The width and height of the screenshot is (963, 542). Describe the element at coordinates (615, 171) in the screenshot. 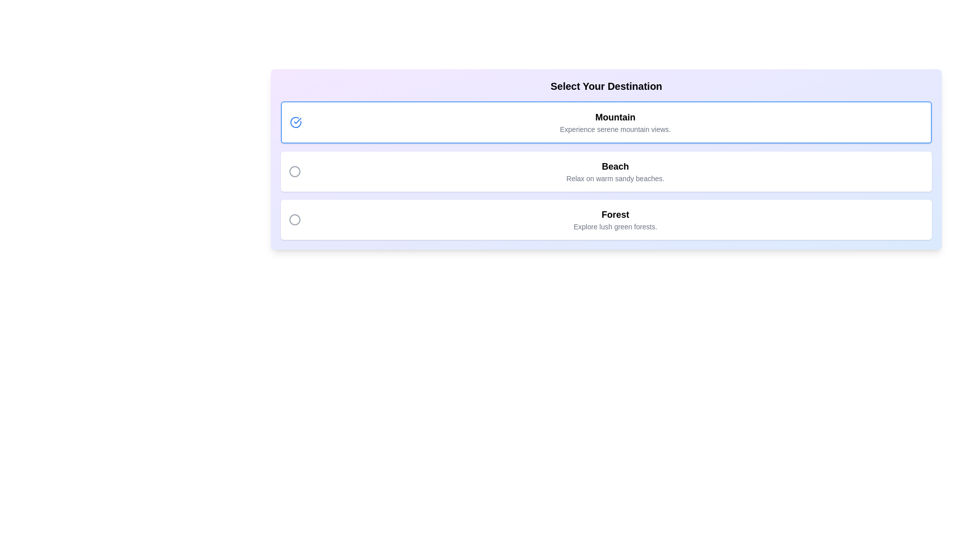

I see `the main text component in the second selectable card labeled 'Beach', which contains the bold text 'Beach' and the smaller text 'Relax on warm sandy beaches.'` at that location.